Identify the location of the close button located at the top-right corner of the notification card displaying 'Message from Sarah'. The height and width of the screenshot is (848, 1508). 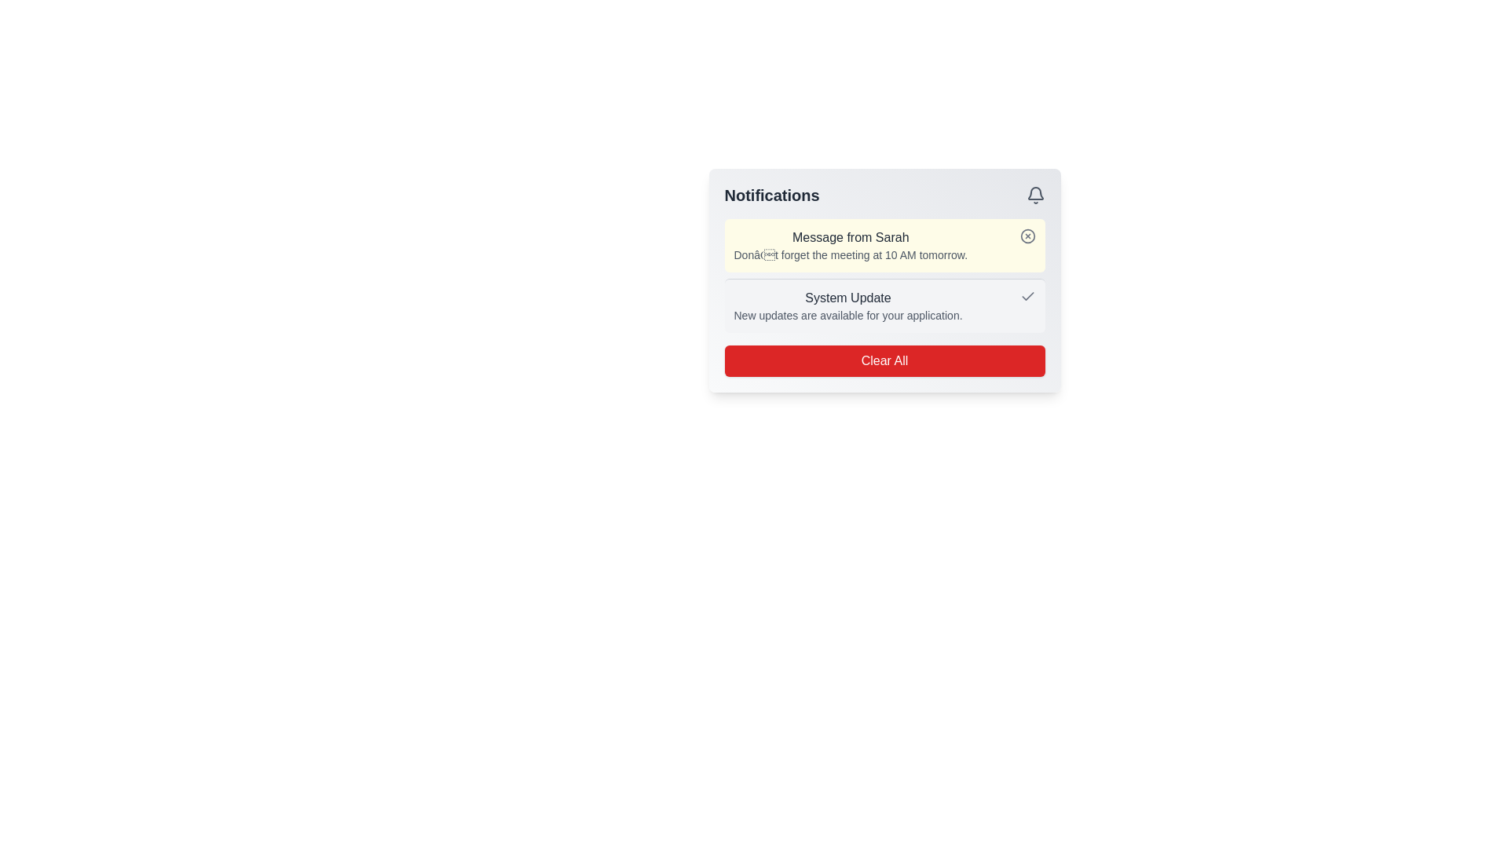
(1027, 236).